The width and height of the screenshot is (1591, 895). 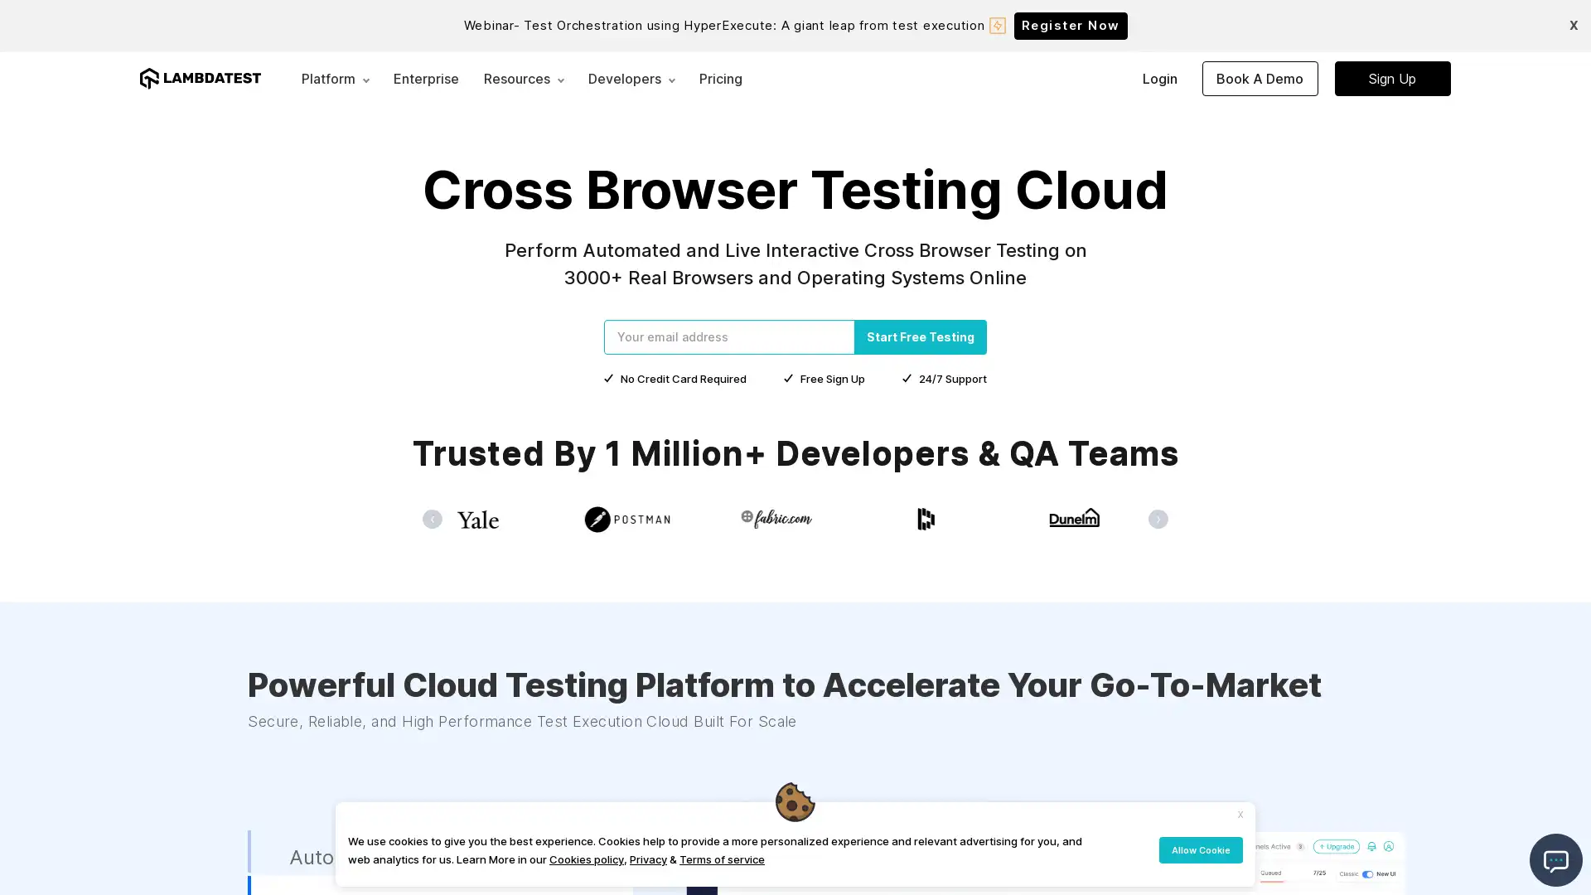 I want to click on Start Free Testing, so click(x=919, y=336).